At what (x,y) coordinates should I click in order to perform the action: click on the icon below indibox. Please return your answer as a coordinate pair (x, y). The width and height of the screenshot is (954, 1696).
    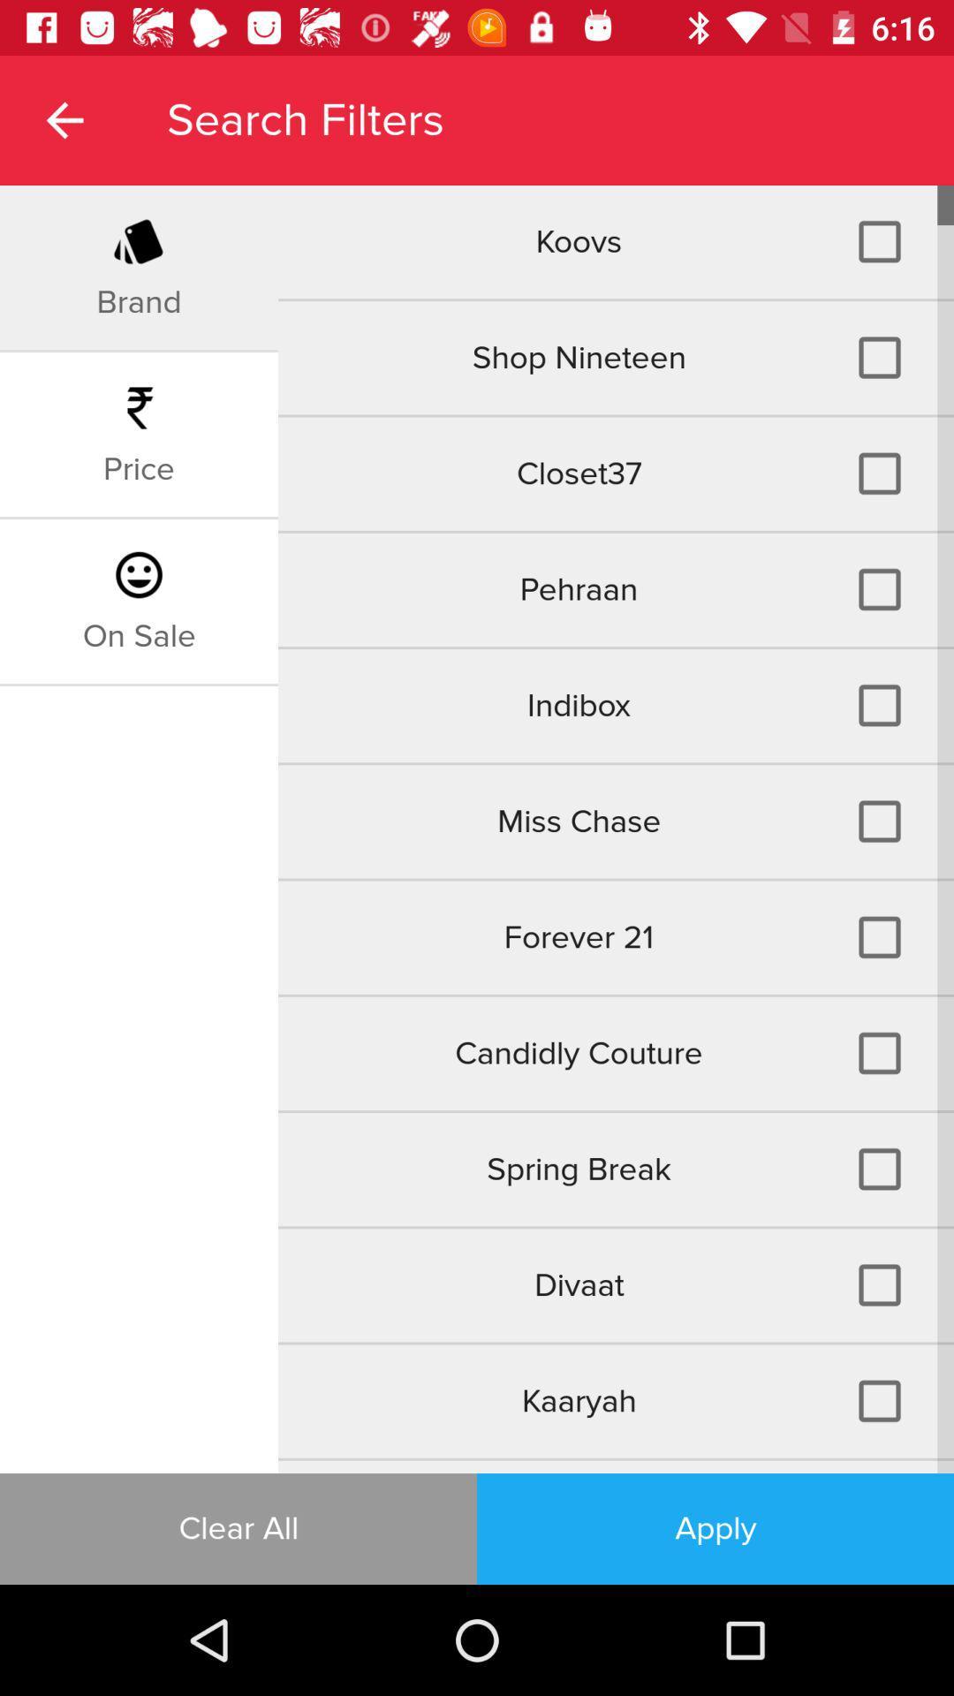
    Looking at the image, I should click on (615, 821).